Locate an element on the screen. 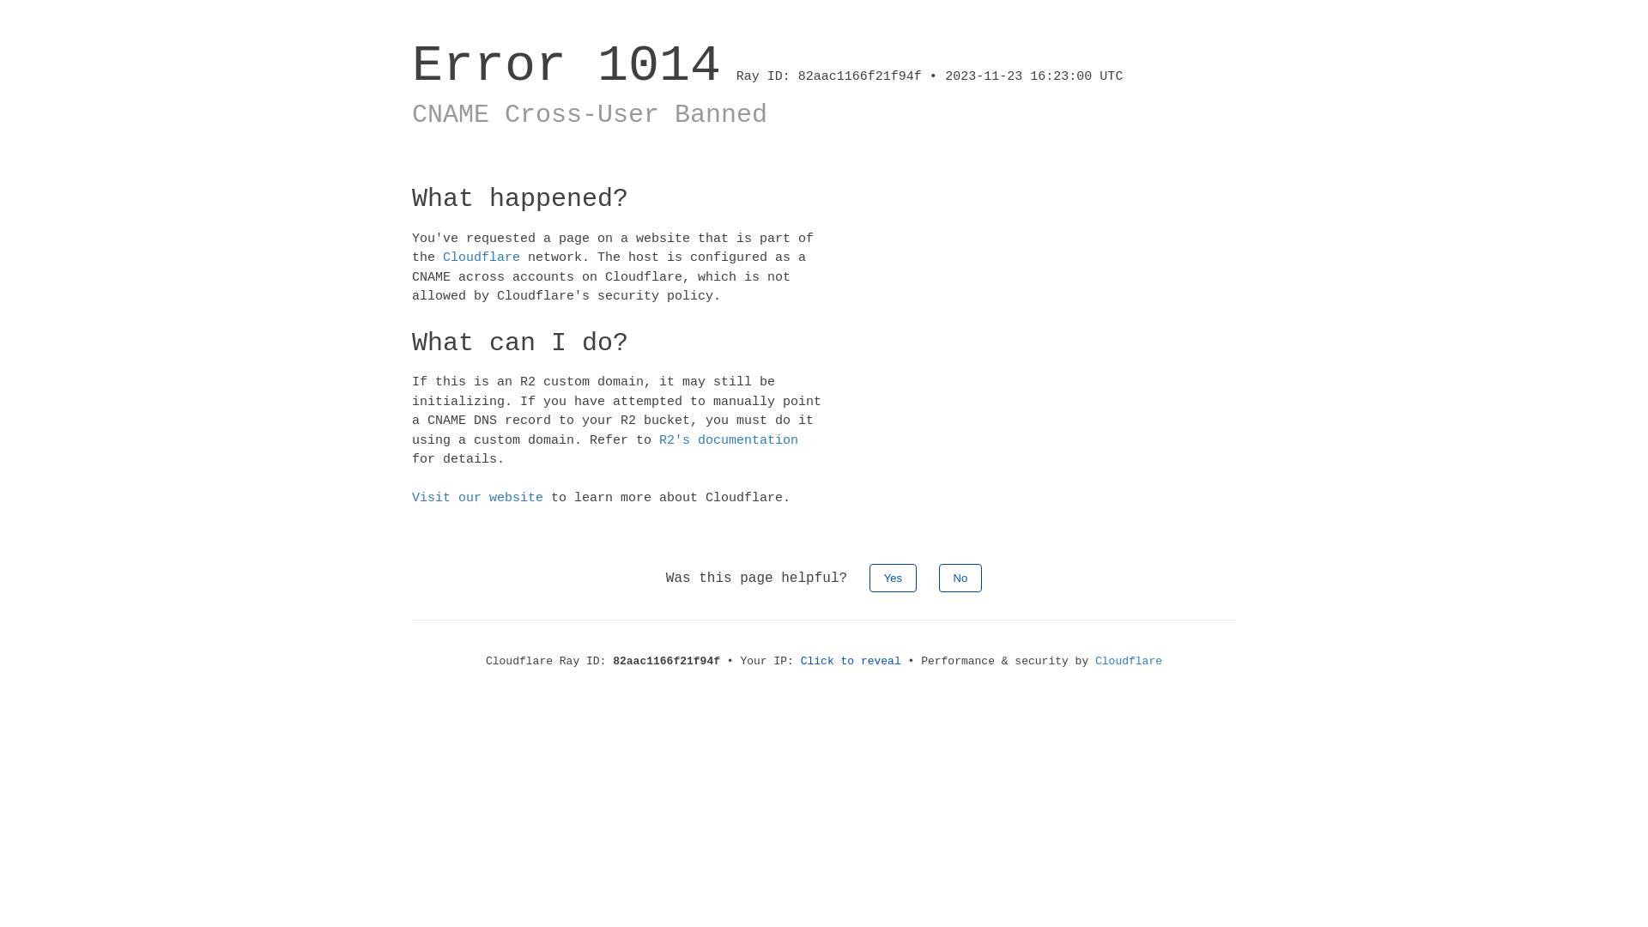  'R2's documentation' is located at coordinates (729, 439).